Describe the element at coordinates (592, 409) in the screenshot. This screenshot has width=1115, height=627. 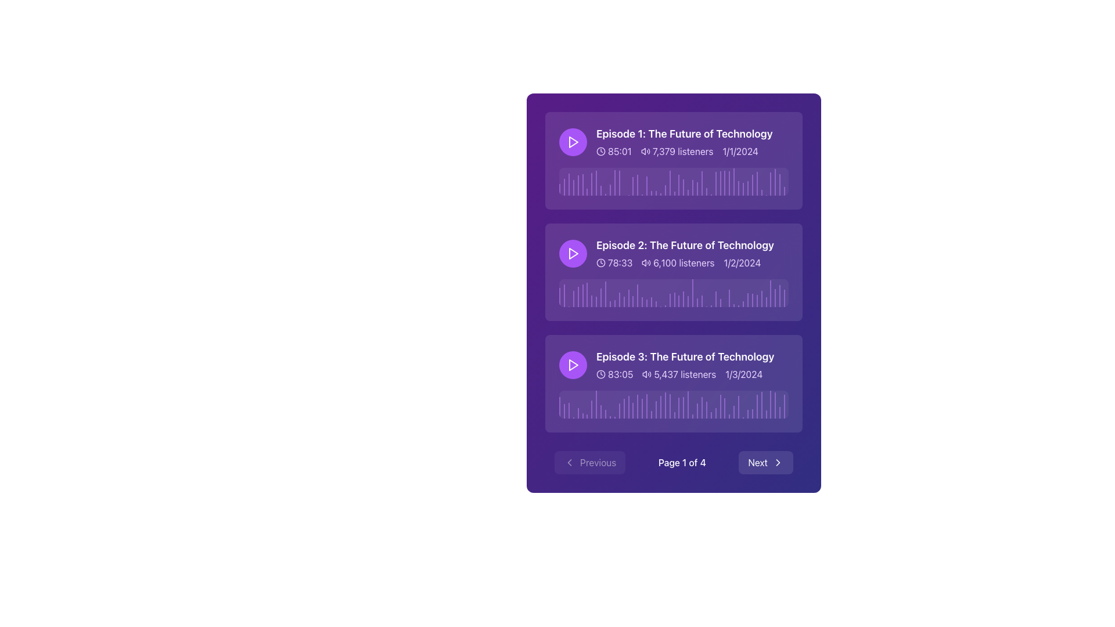
I see `the 8th vertical purple progress indicator segment in the playback bar for 'Episode 3: The Future of Technology'` at that location.